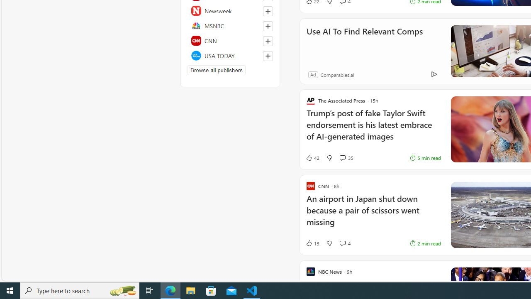 Image resolution: width=531 pixels, height=299 pixels. What do you see at coordinates (364, 42) in the screenshot?
I see `'Use AI To Find Relevant Comps'` at bounding box center [364, 42].